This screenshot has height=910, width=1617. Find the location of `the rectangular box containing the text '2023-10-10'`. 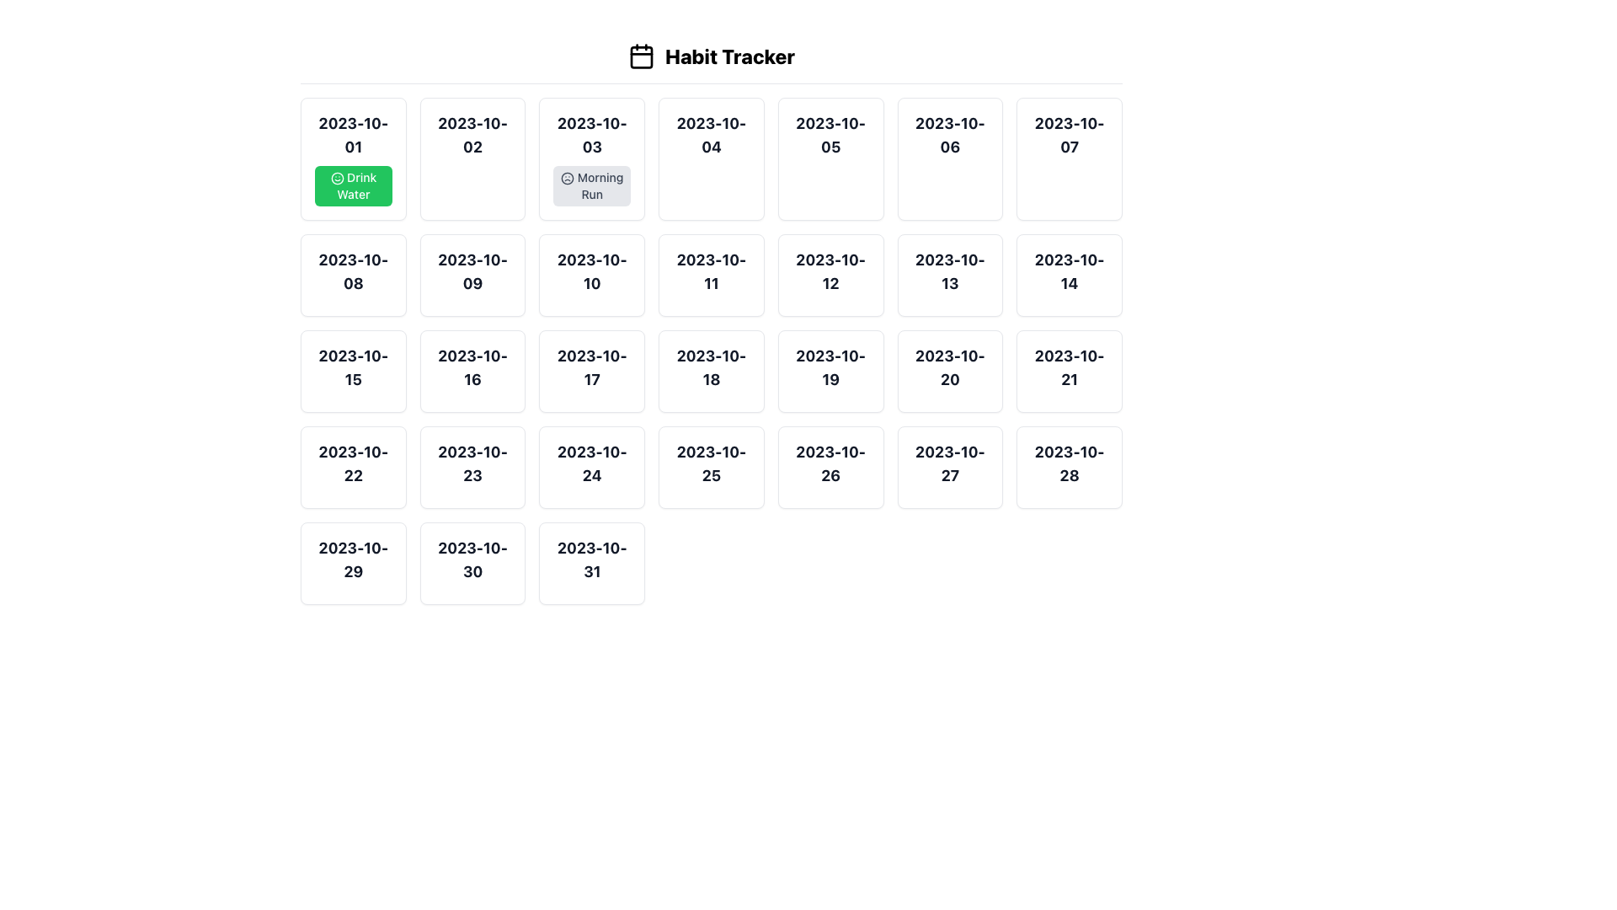

the rectangular box containing the text '2023-10-10' is located at coordinates (592, 275).